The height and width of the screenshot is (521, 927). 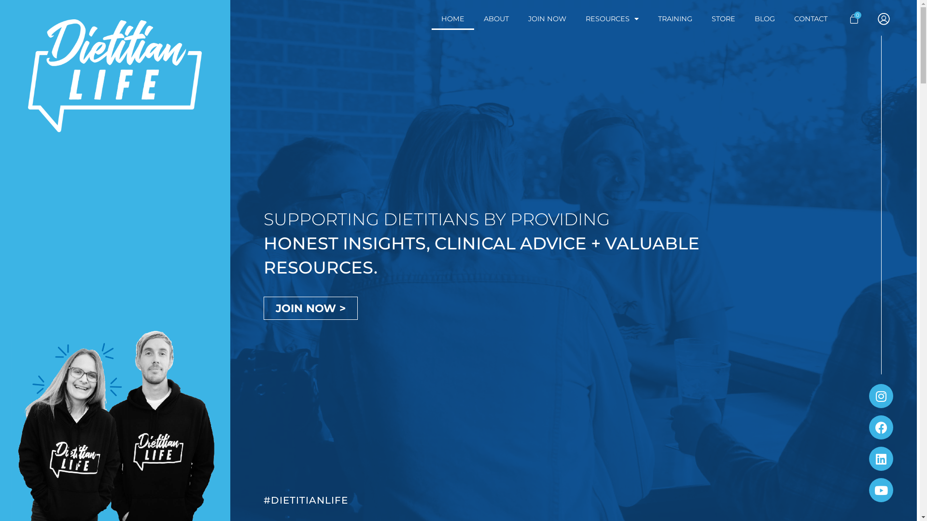 What do you see at coordinates (811, 18) in the screenshot?
I see `'CONTACT'` at bounding box center [811, 18].